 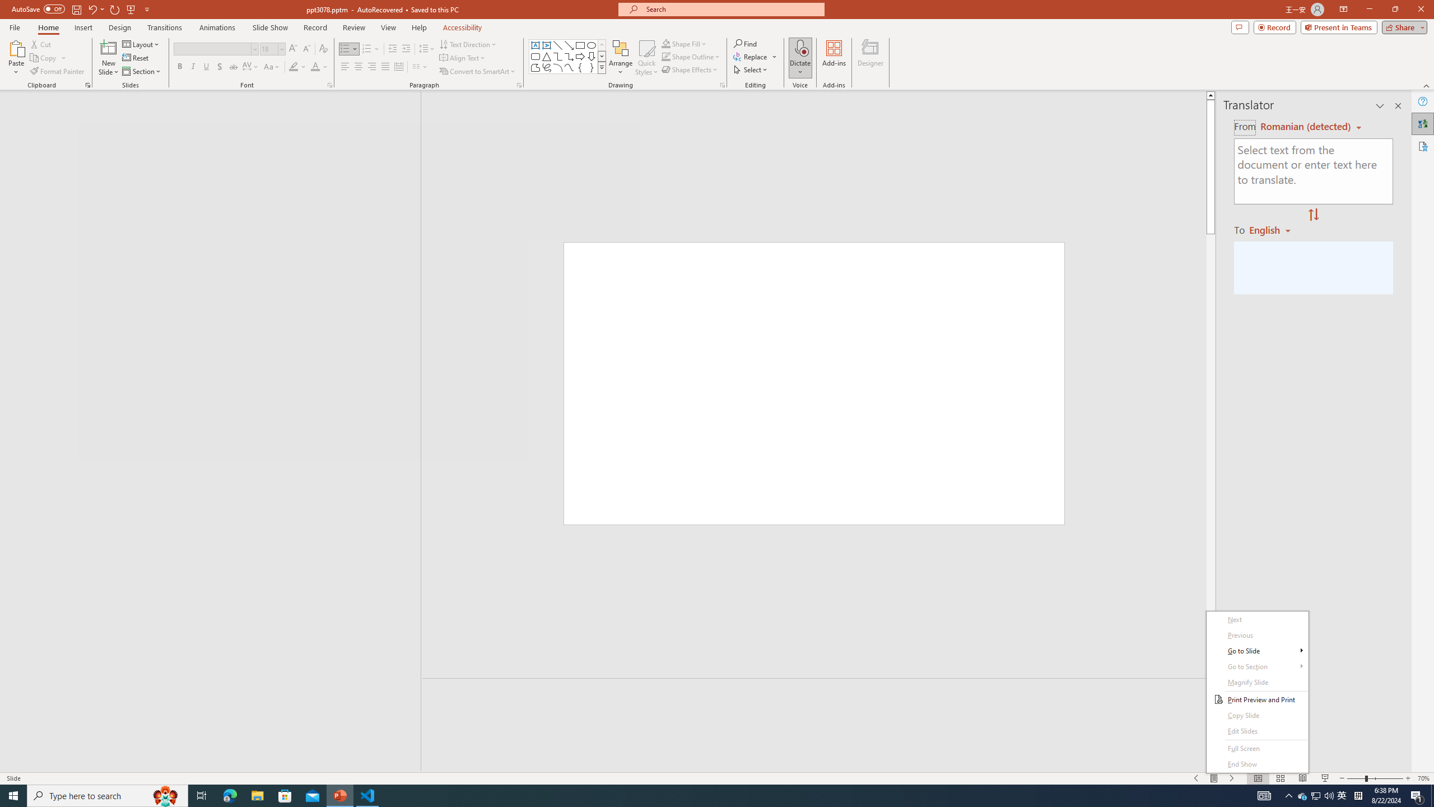 What do you see at coordinates (1258, 635) in the screenshot?
I see `'Previous'` at bounding box center [1258, 635].